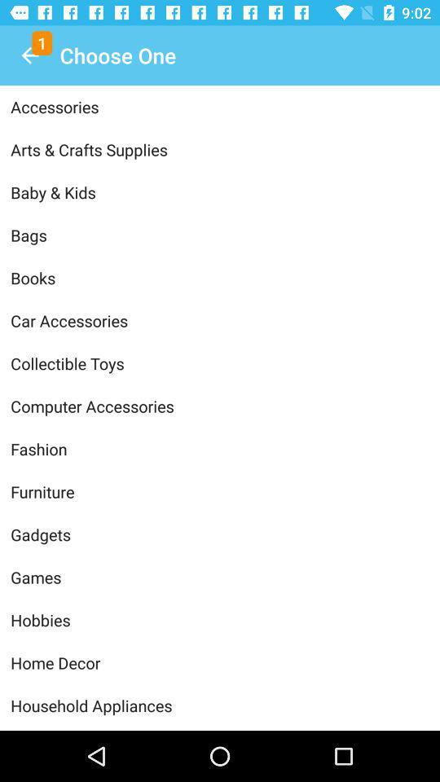 Image resolution: width=440 pixels, height=782 pixels. Describe the element at coordinates (220, 278) in the screenshot. I see `the books` at that location.